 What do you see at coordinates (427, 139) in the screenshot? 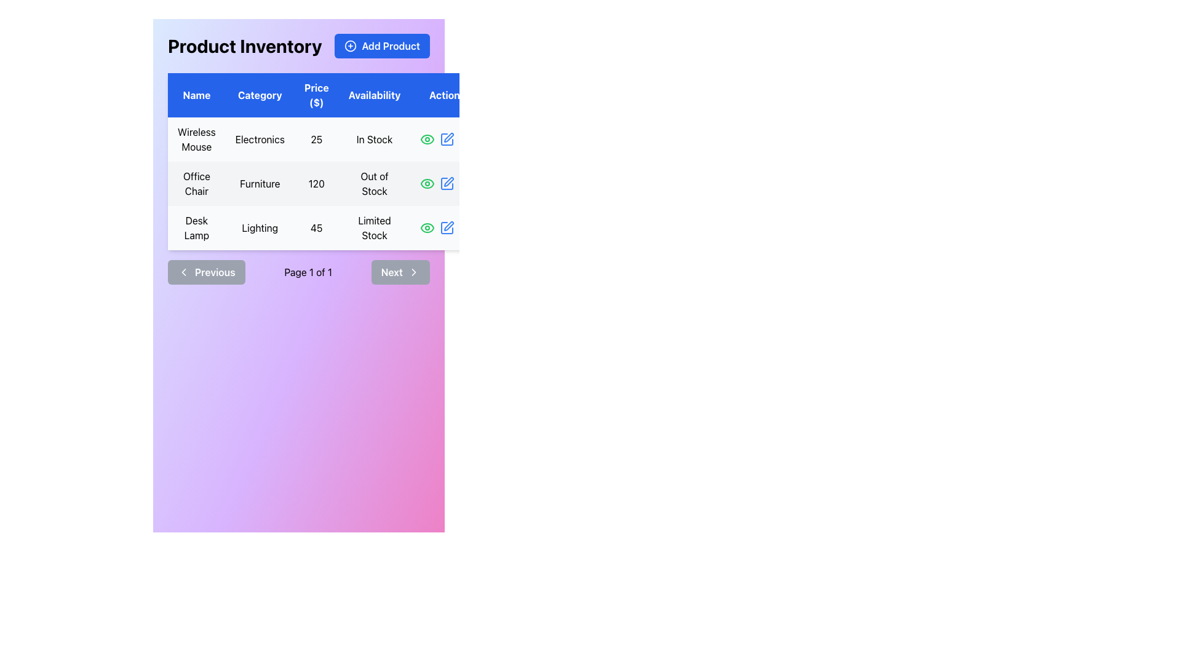
I see `the icon/button in the second row of the table under the Action column that relates` at bounding box center [427, 139].